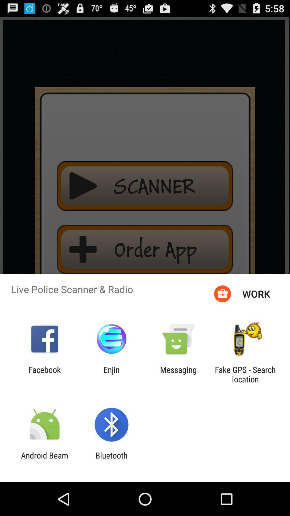 Image resolution: width=290 pixels, height=516 pixels. I want to click on the item to the left of the bluetooth app, so click(44, 460).